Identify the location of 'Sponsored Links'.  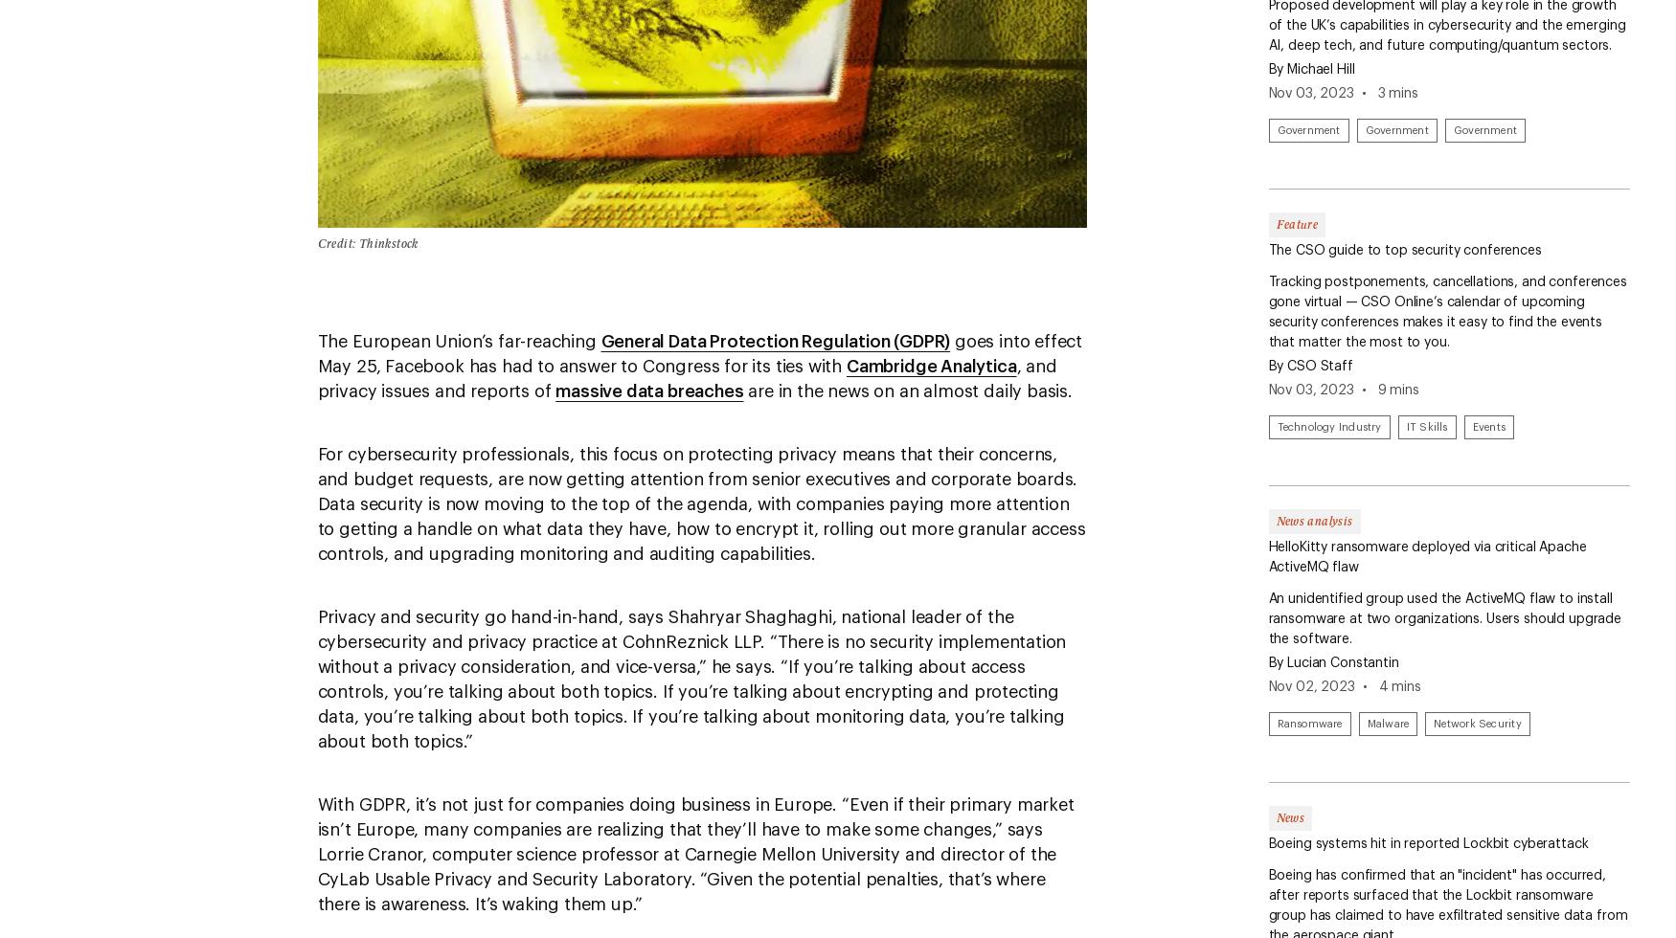
(116, 608).